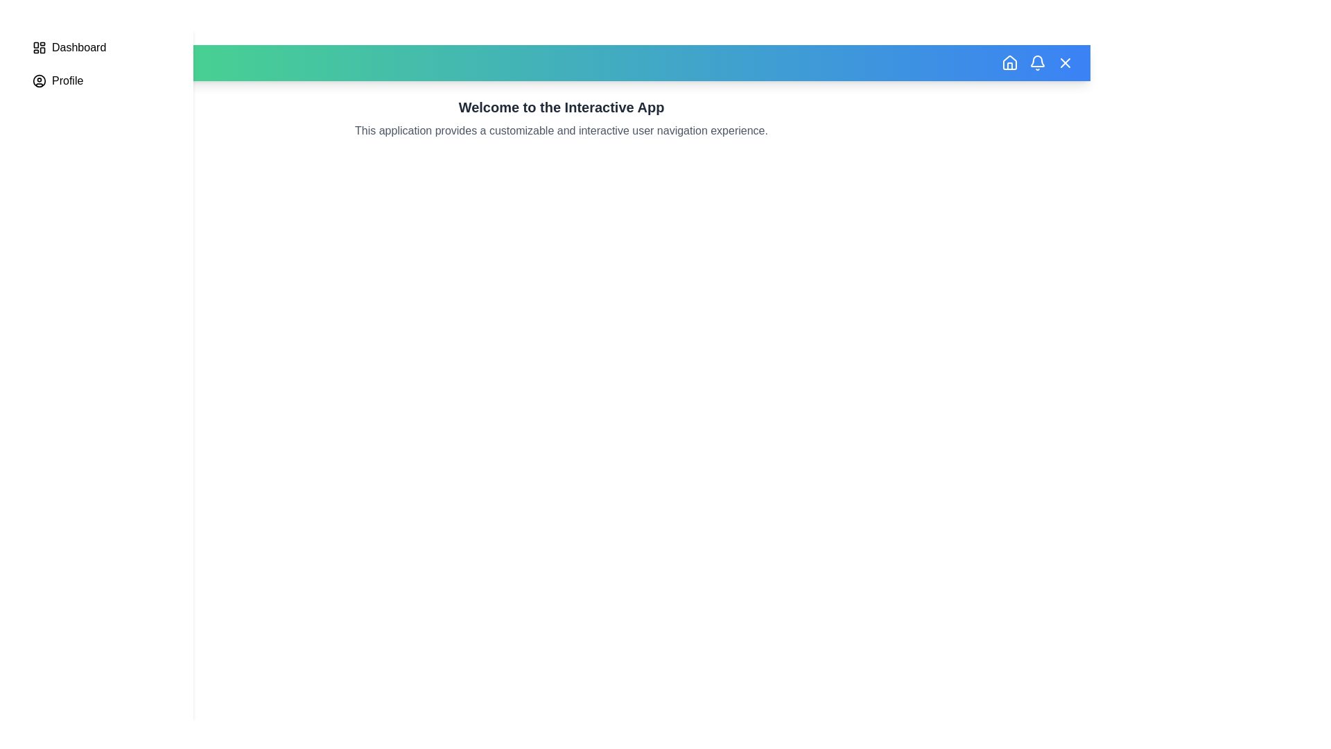 This screenshot has height=749, width=1331. Describe the element at coordinates (1038, 63) in the screenshot. I see `the notification alert icon located in the header's rightmost group of controls, specifically the middle icon between the house and cross icons` at that location.